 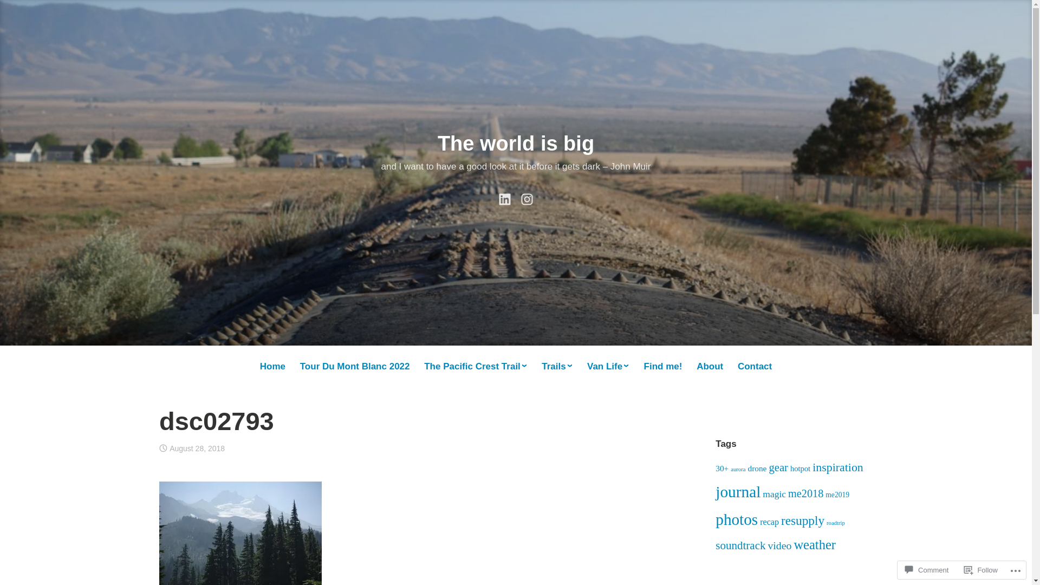 What do you see at coordinates (0, 12) in the screenshot?
I see `'Search'` at bounding box center [0, 12].